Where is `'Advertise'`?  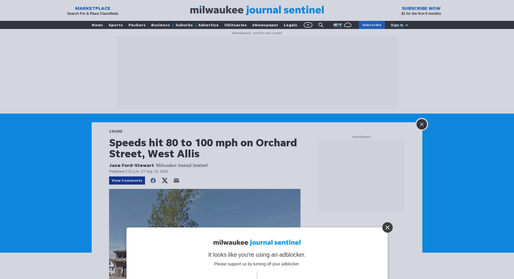 'Advertise' is located at coordinates (208, 25).